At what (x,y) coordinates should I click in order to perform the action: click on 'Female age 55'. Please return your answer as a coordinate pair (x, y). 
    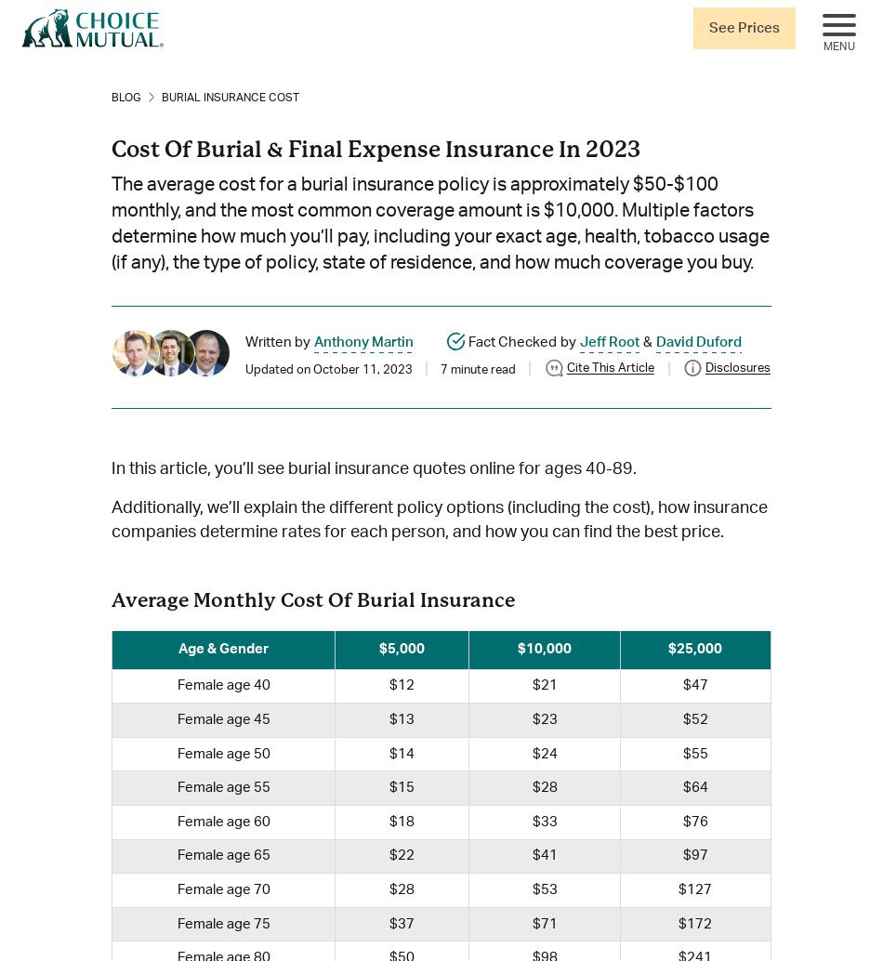
    Looking at the image, I should click on (221, 786).